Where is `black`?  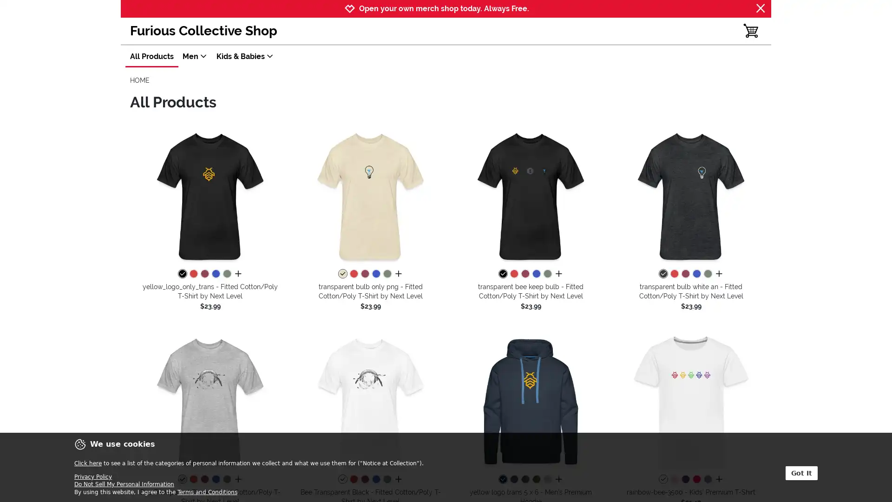 black is located at coordinates (182, 274).